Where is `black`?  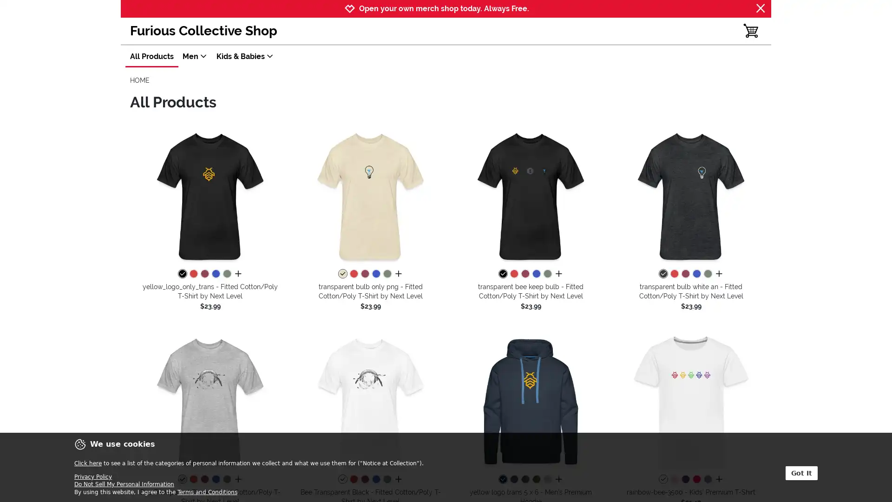 black is located at coordinates (182, 274).